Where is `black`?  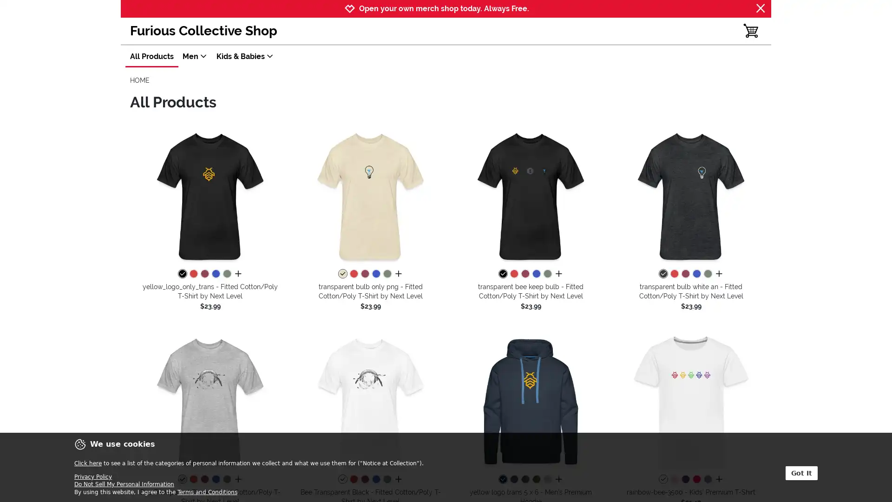 black is located at coordinates (182, 274).